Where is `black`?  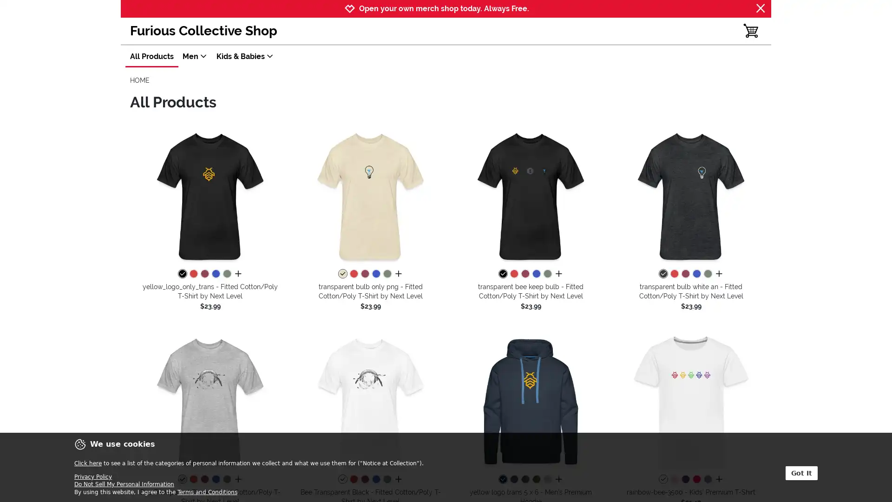 black is located at coordinates (182, 274).